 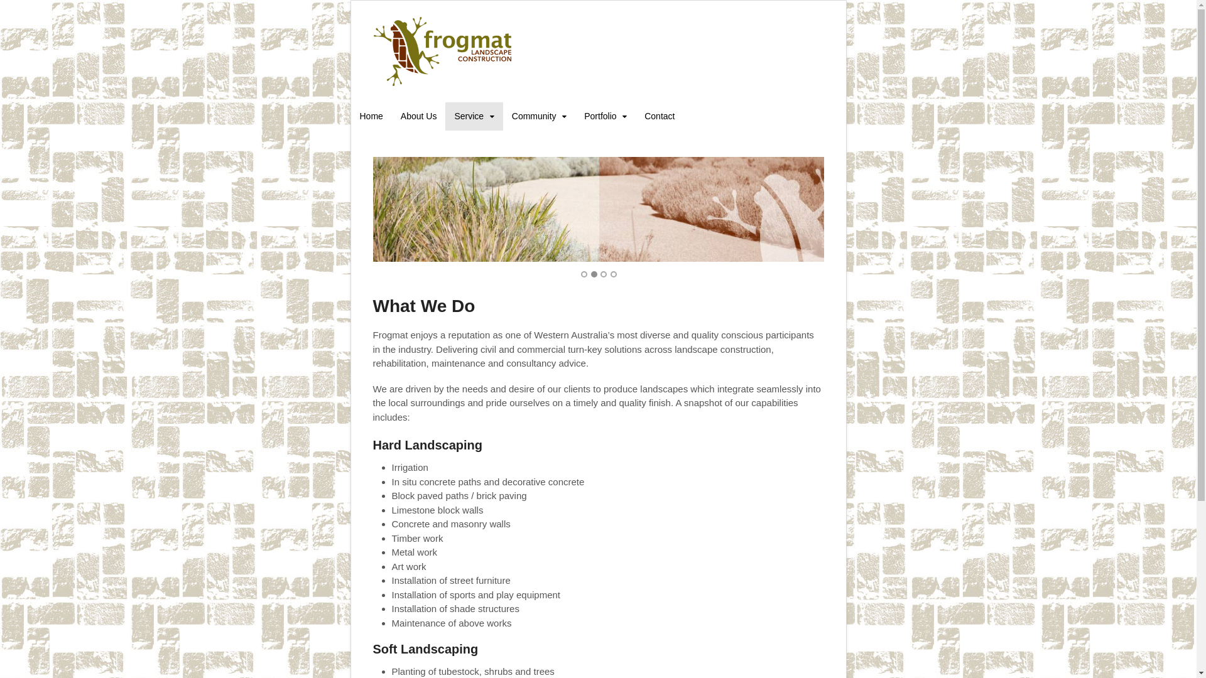 I want to click on '2', so click(x=593, y=273).